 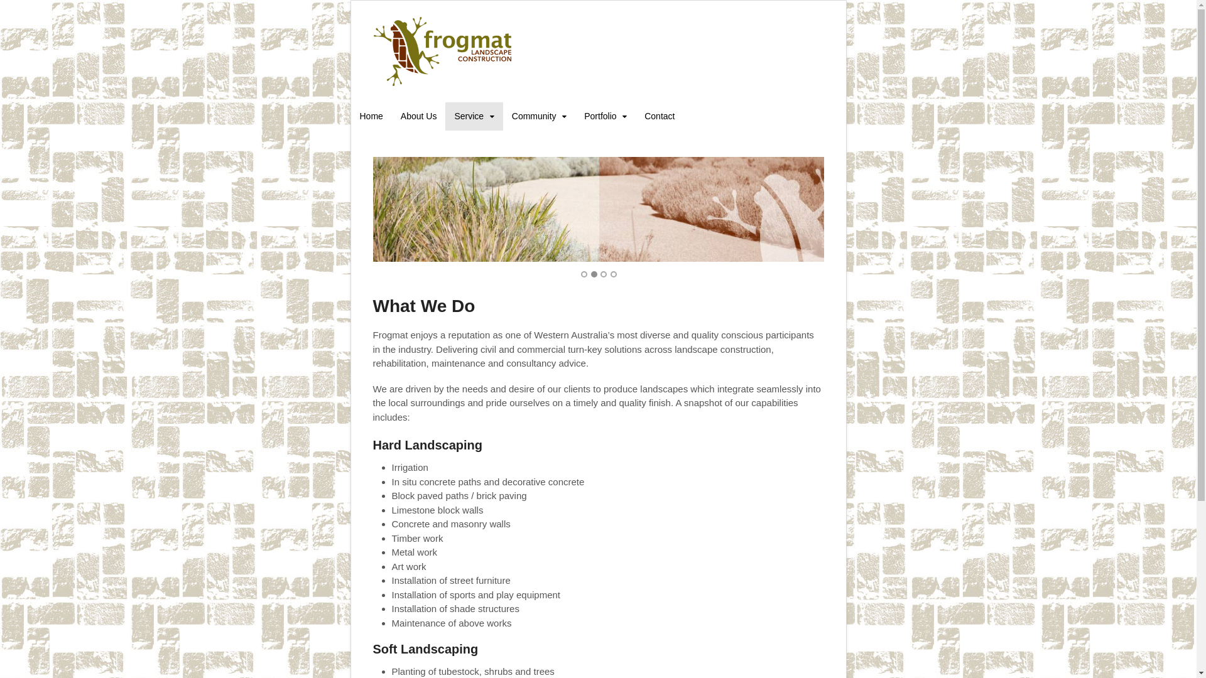 I want to click on '2', so click(x=593, y=273).